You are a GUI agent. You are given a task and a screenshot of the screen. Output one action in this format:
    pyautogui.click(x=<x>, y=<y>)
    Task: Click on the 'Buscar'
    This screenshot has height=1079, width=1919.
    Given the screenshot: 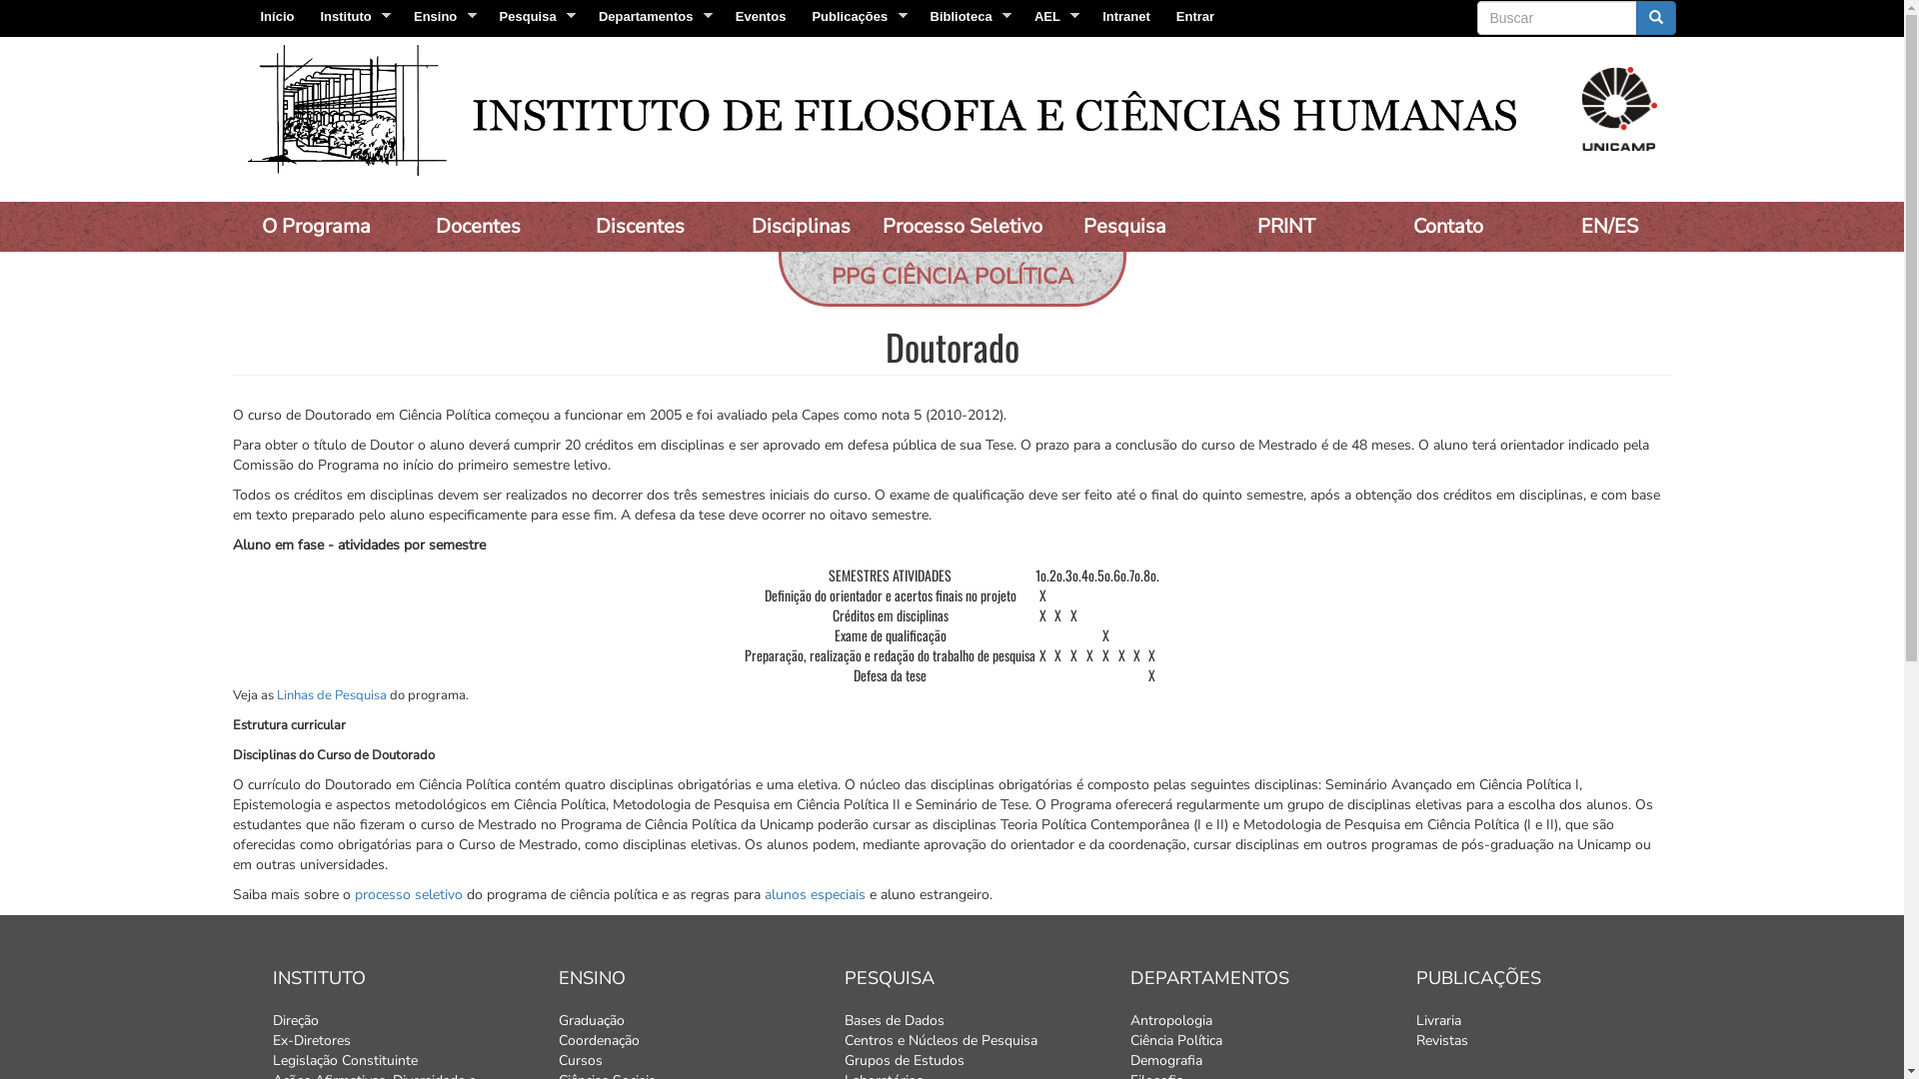 What is the action you would take?
    pyautogui.click(x=1477, y=35)
    